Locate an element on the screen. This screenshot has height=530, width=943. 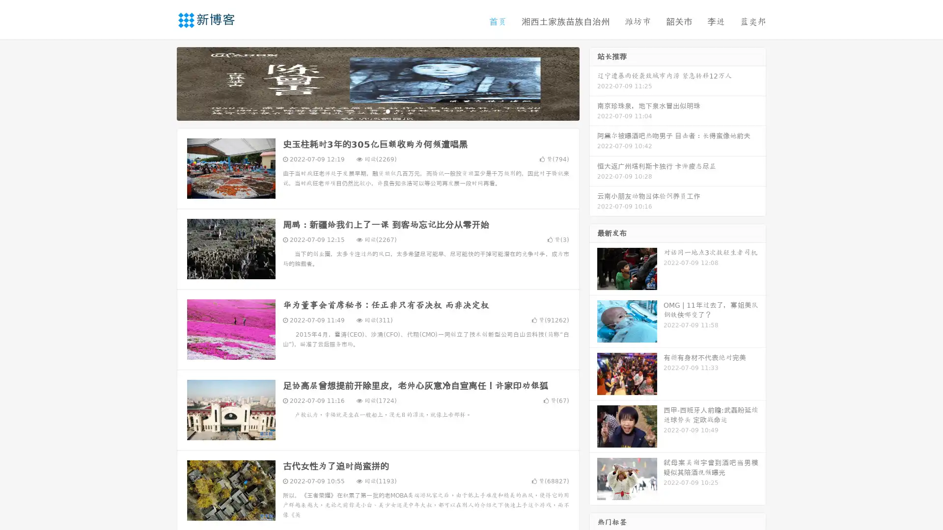
Go to slide 2 is located at coordinates (377, 110).